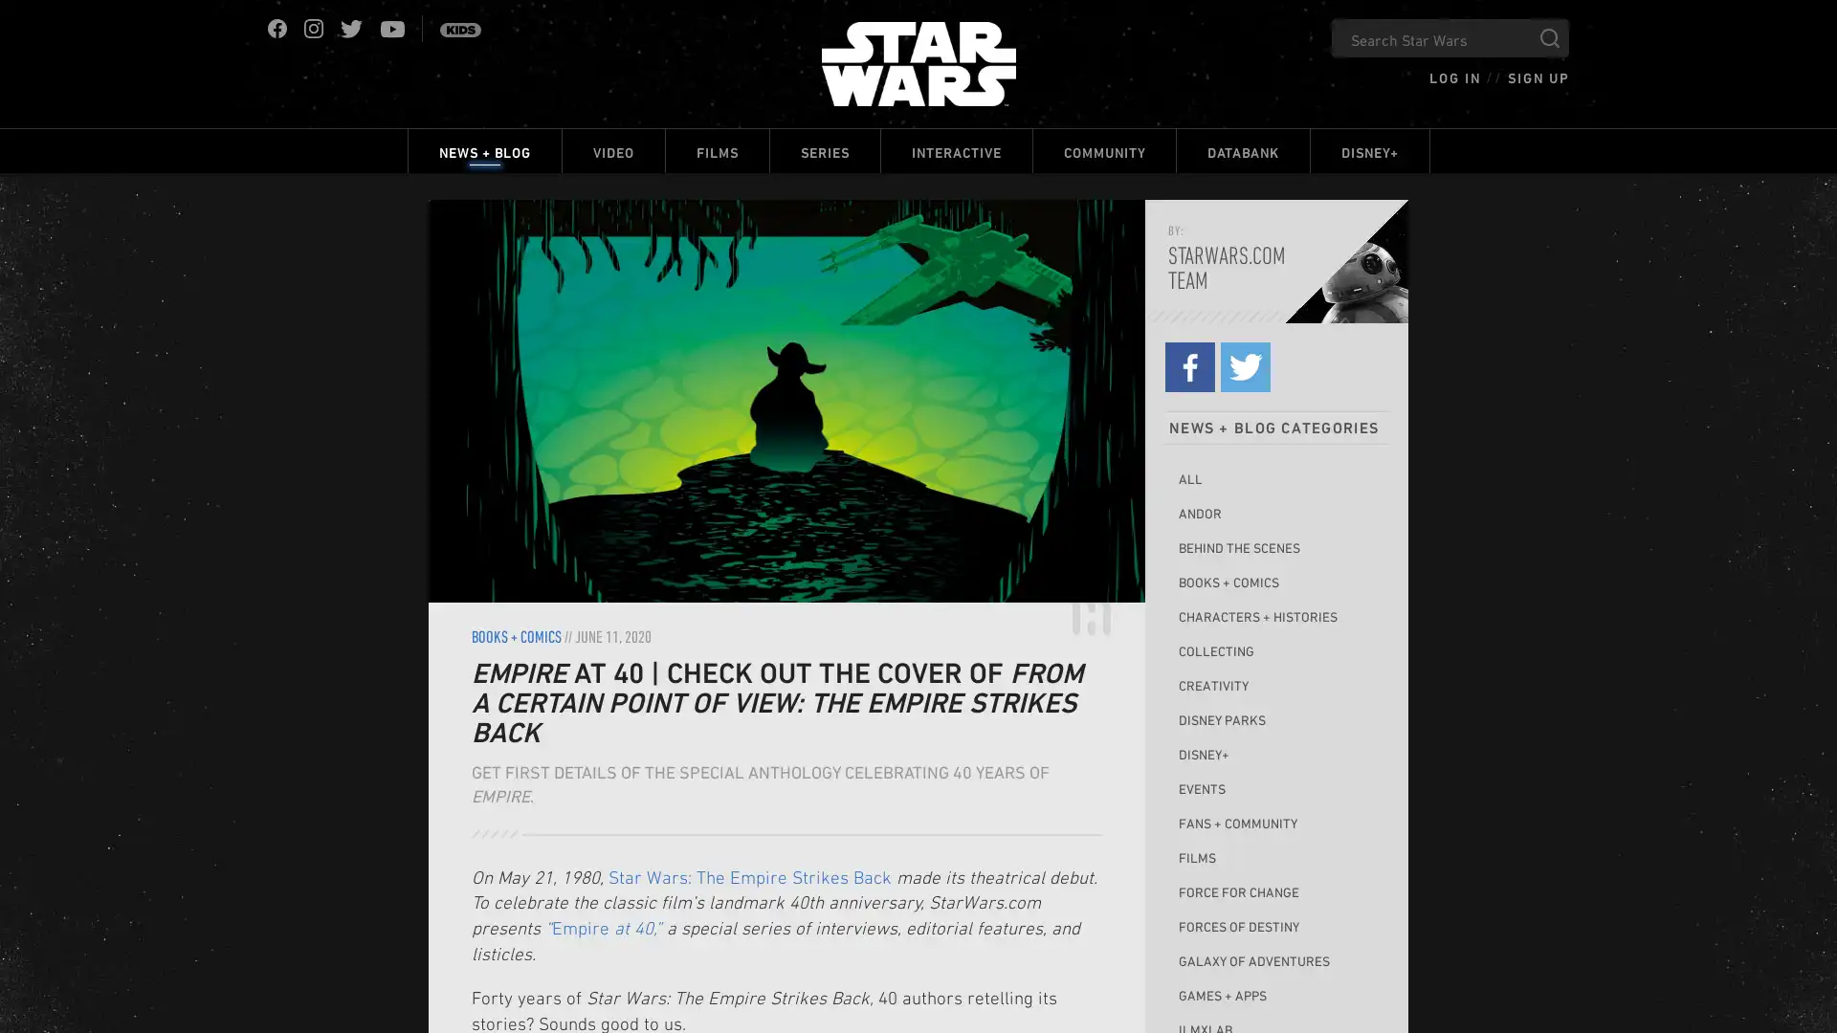 The height and width of the screenshot is (1033, 1837). Describe the element at coordinates (1550, 37) in the screenshot. I see `Open Search` at that location.